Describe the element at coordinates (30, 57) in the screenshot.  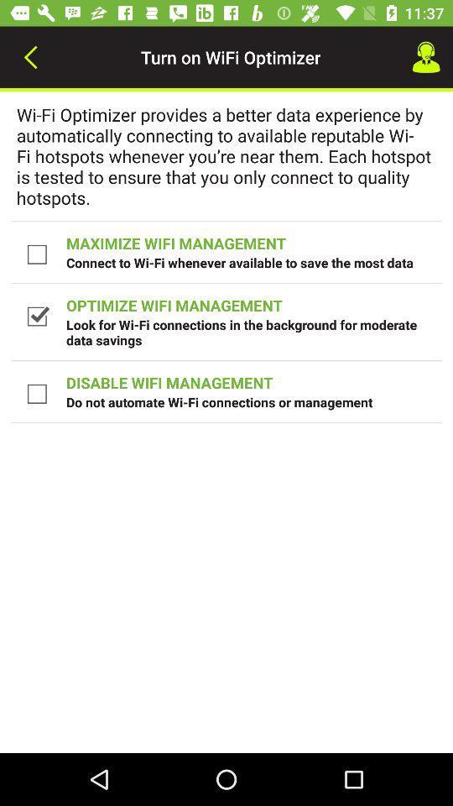
I see `the item next to the turn on wifi icon` at that location.